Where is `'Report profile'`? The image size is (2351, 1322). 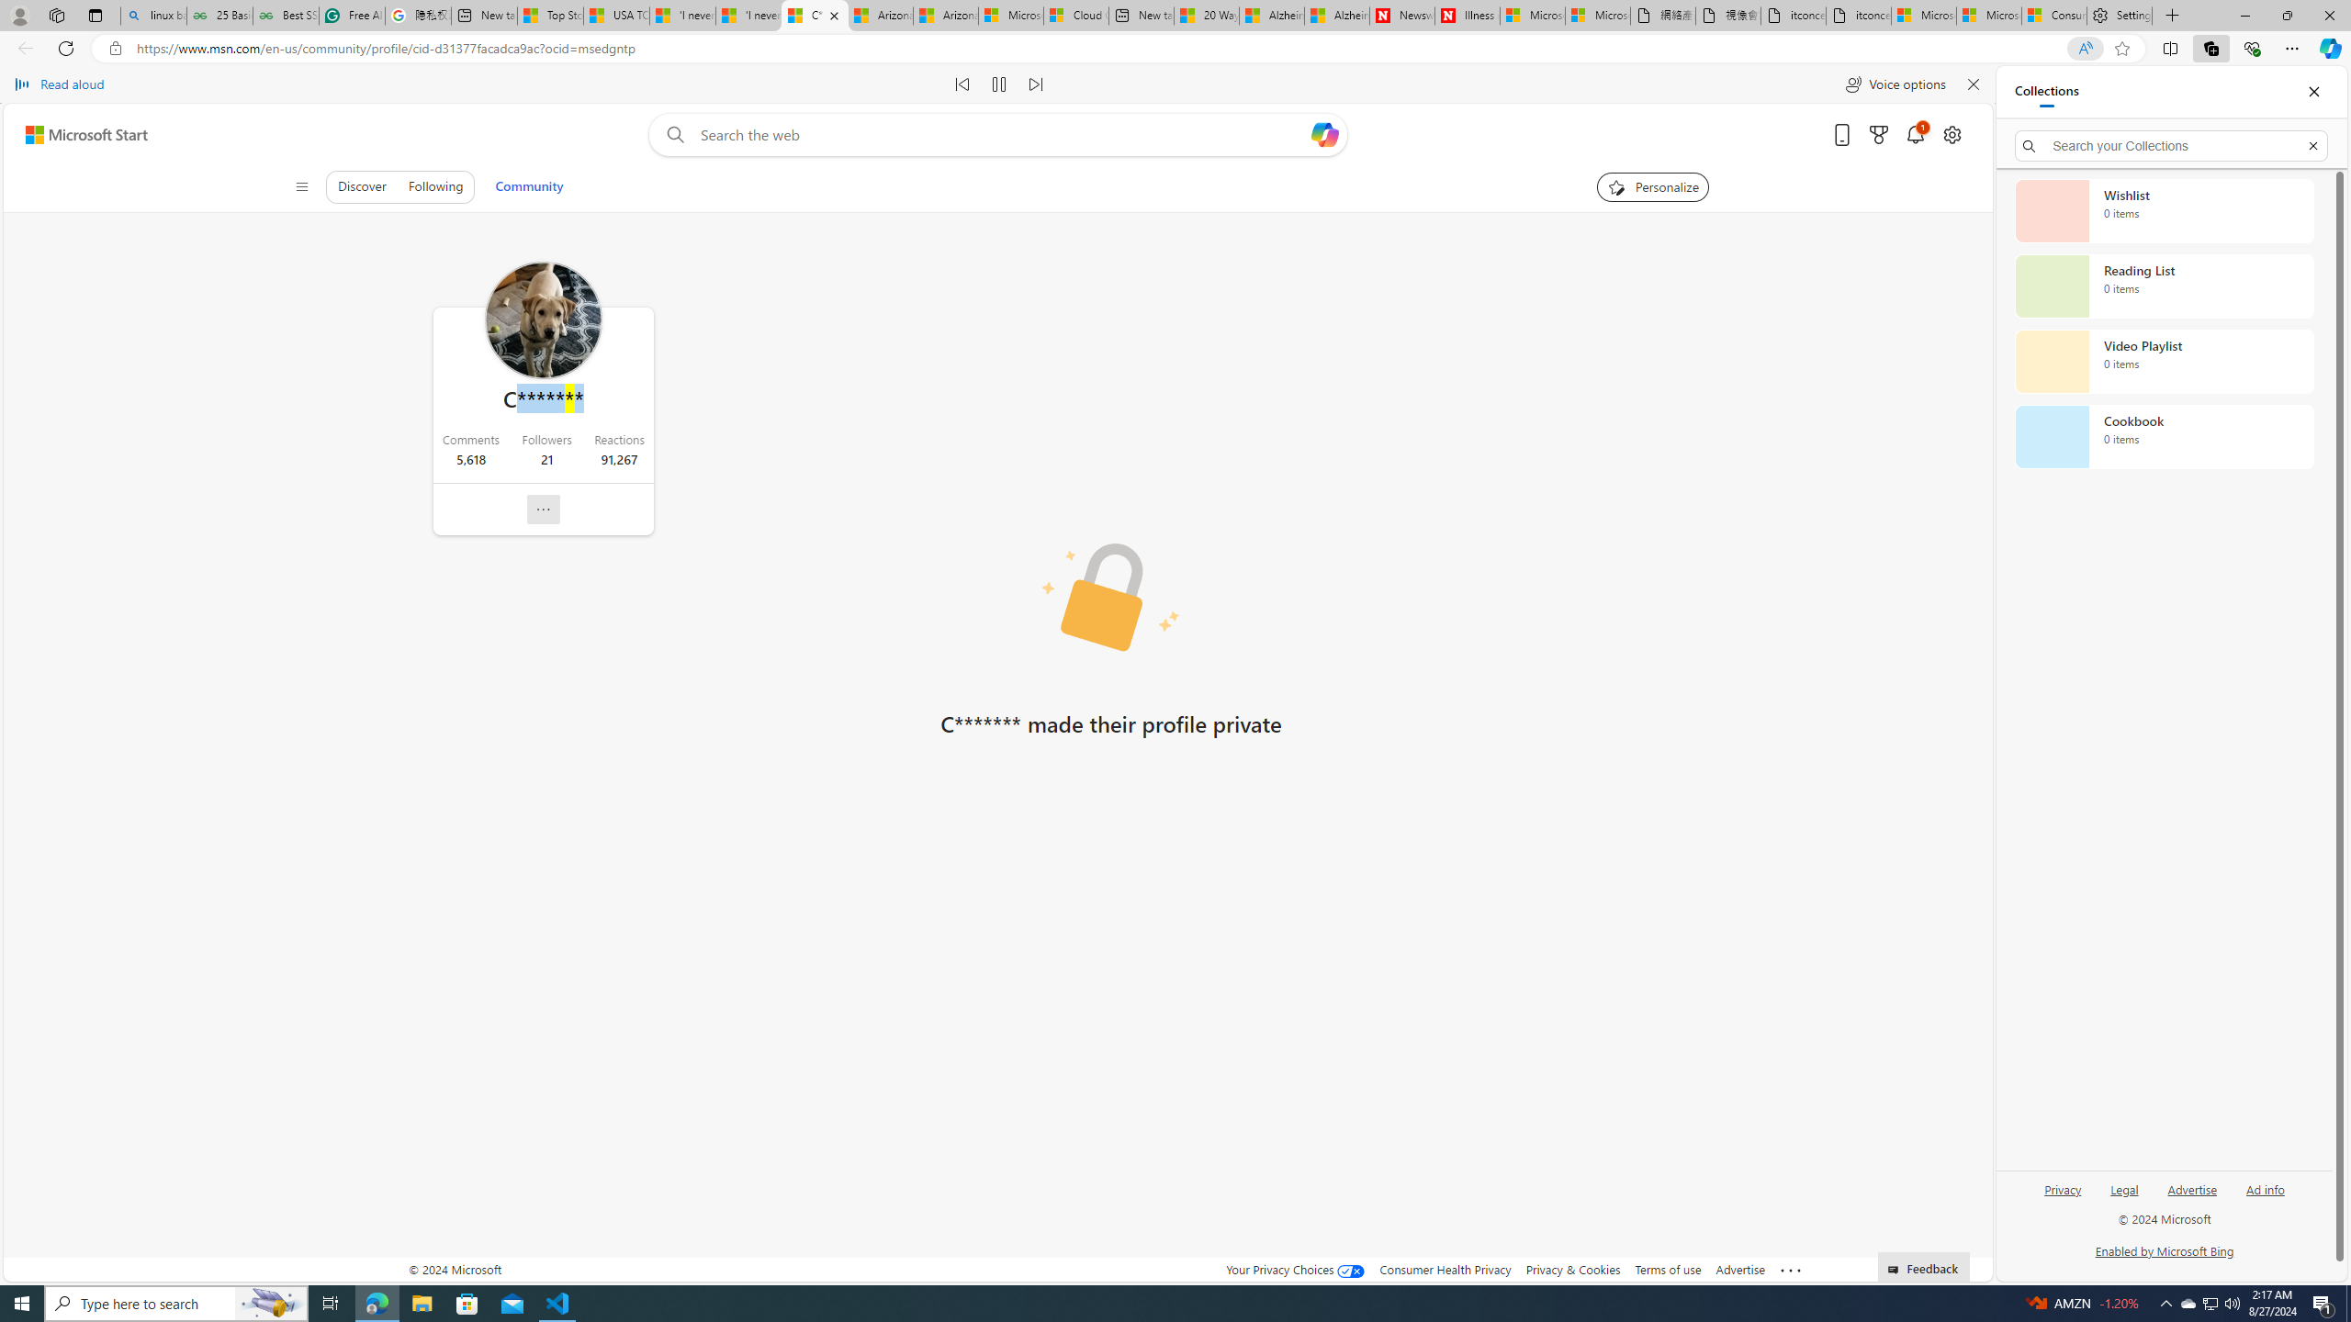 'Report profile' is located at coordinates (543, 510).